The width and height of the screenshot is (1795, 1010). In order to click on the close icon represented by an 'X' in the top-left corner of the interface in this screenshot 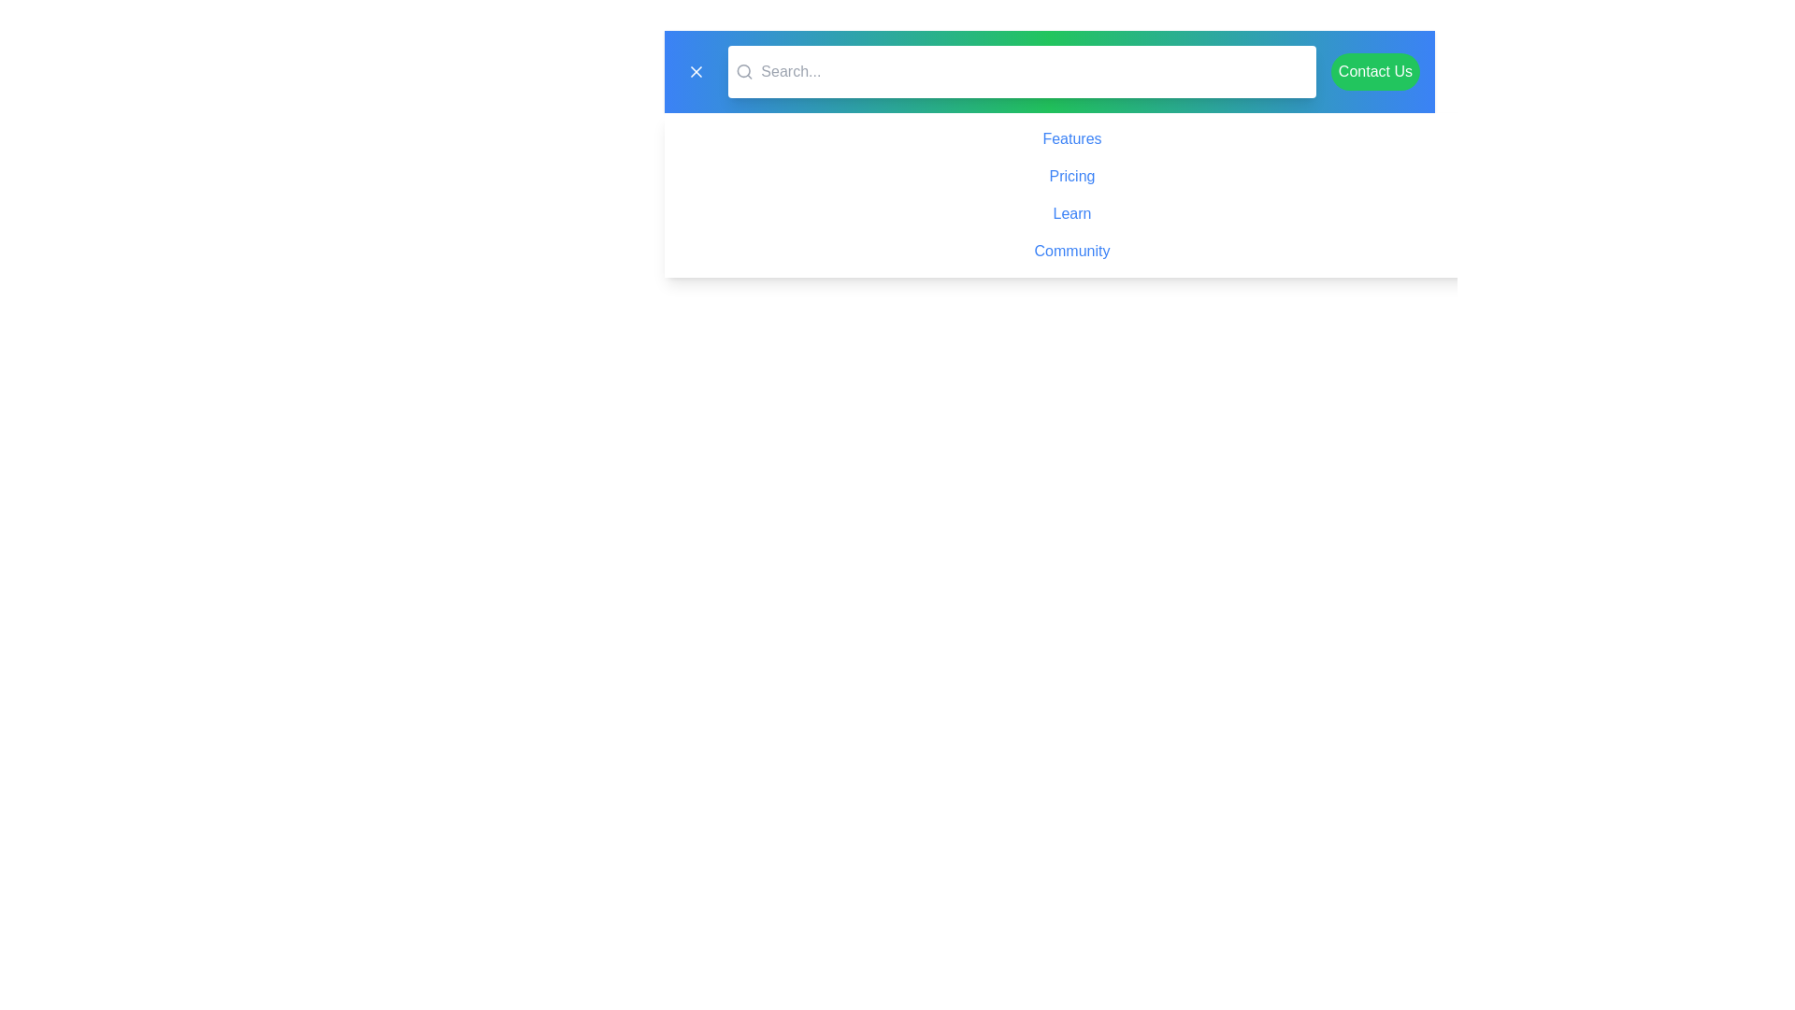, I will do `click(695, 71)`.